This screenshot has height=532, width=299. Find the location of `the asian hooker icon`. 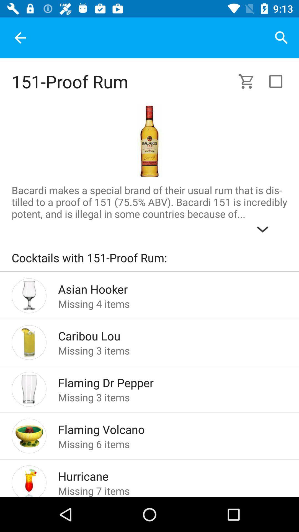

the asian hooker icon is located at coordinates (164, 287).